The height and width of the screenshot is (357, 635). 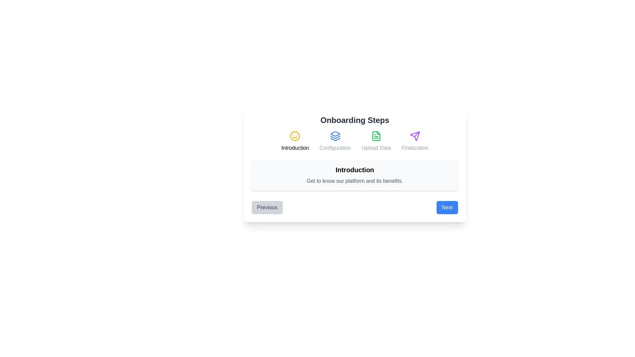 I want to click on the decorative vector graphic that represents the 'Configuration' step icon in the onboarding process, which is centrally located within the blue-outlined icon, so click(x=335, y=134).